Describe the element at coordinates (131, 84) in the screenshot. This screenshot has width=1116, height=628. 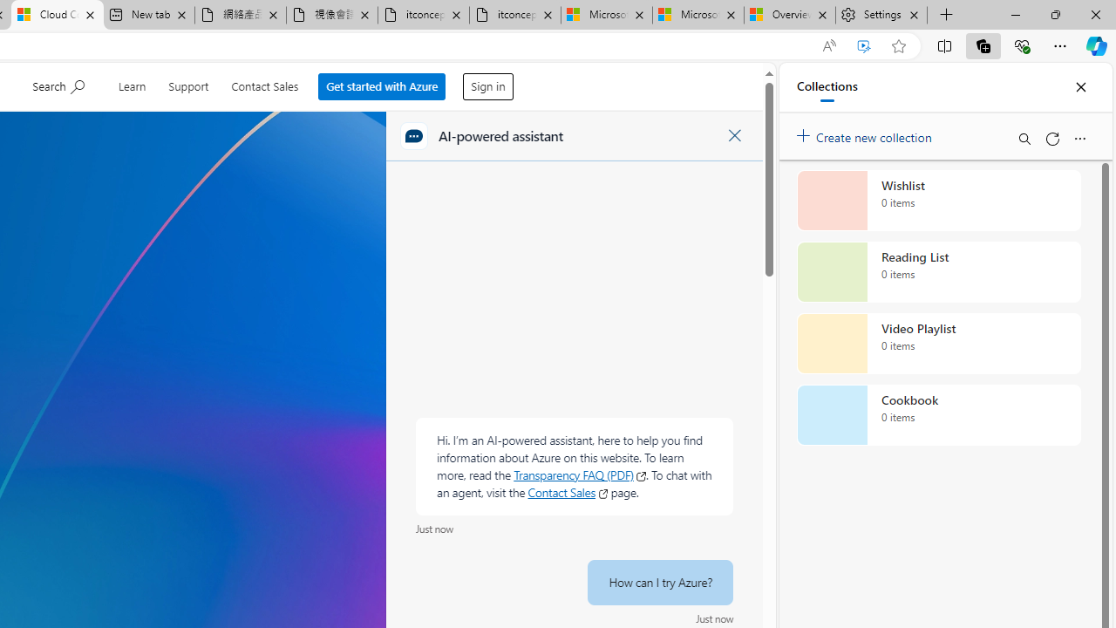
I see `'Learn'` at that location.